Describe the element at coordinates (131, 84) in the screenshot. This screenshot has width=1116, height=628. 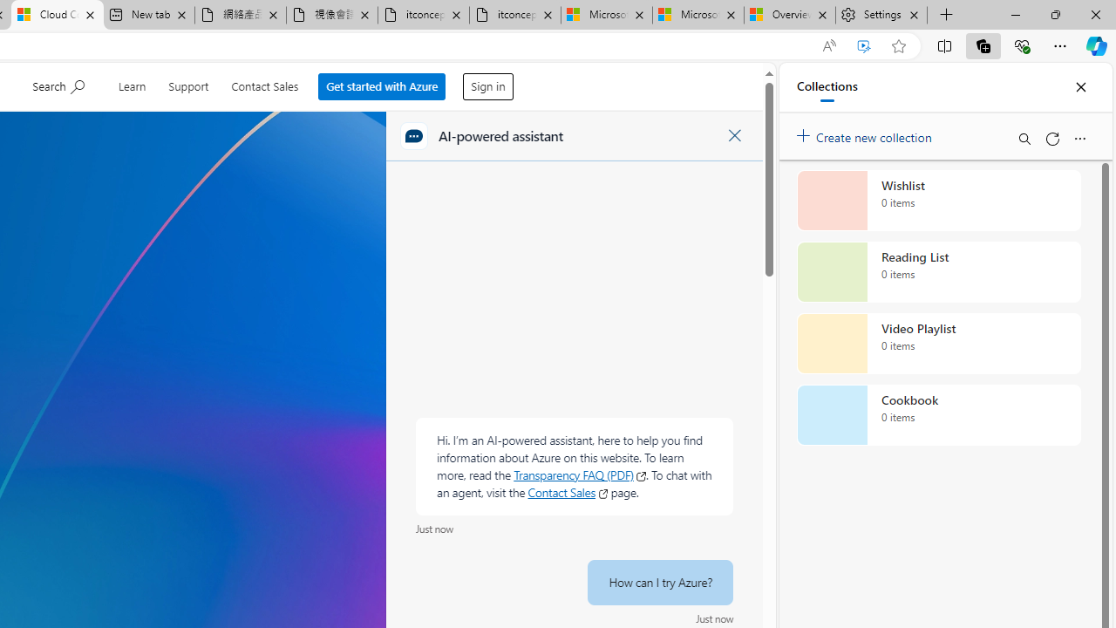
I see `'Learn'` at that location.